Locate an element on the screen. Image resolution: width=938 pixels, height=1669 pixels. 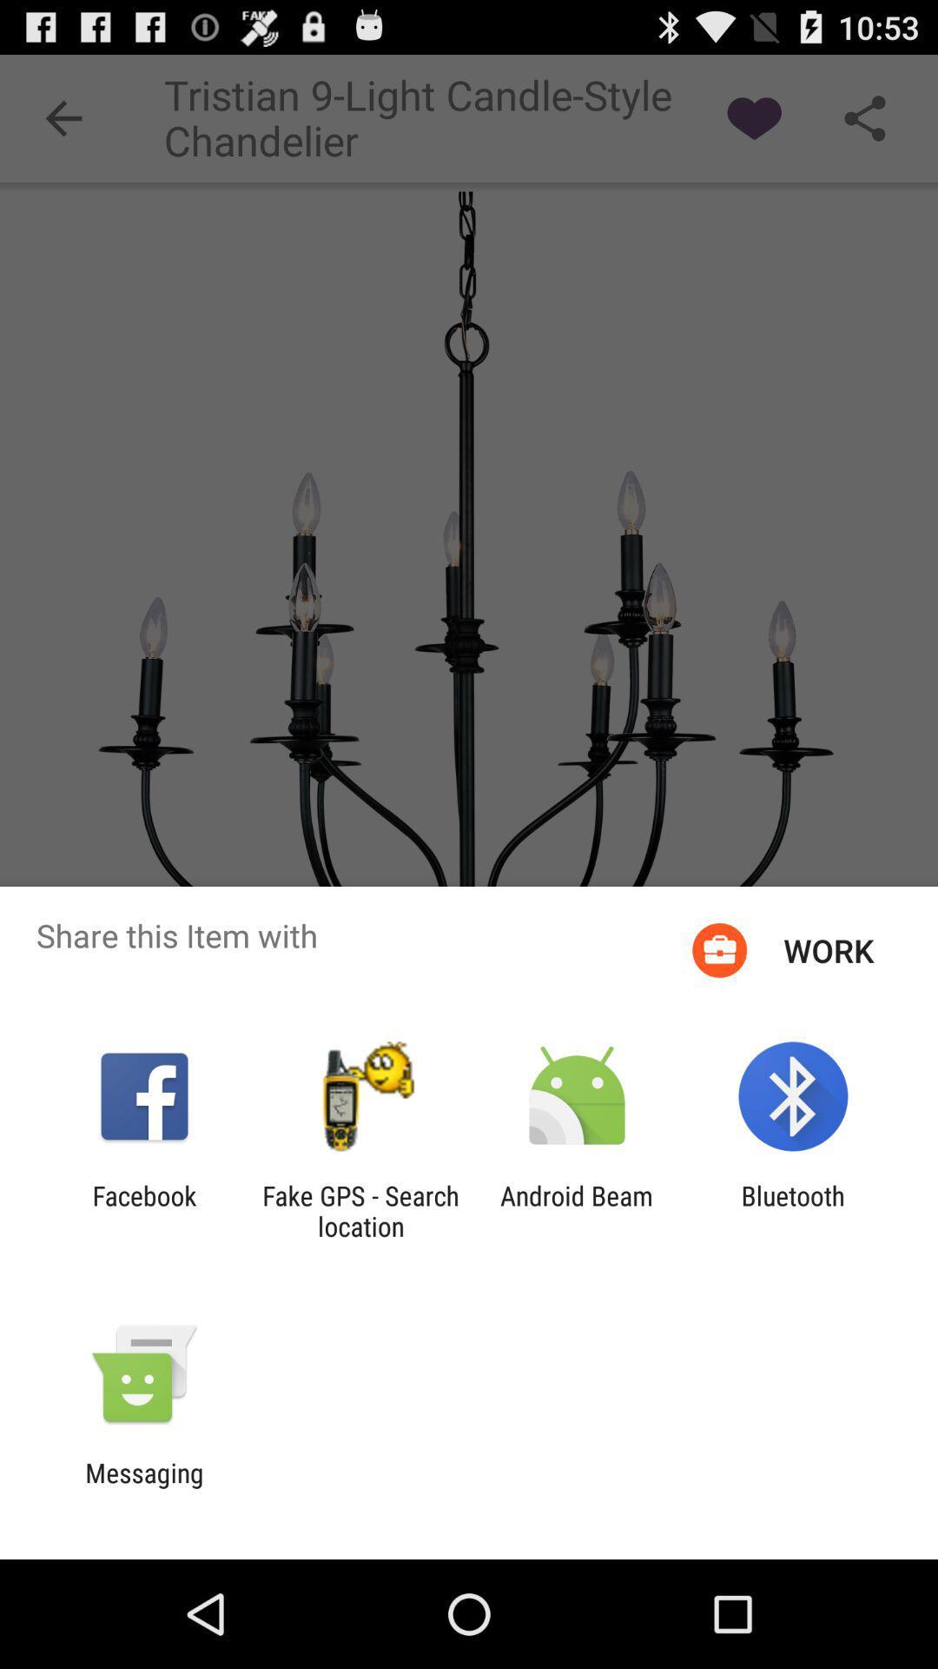
app next to the android beam is located at coordinates (360, 1210).